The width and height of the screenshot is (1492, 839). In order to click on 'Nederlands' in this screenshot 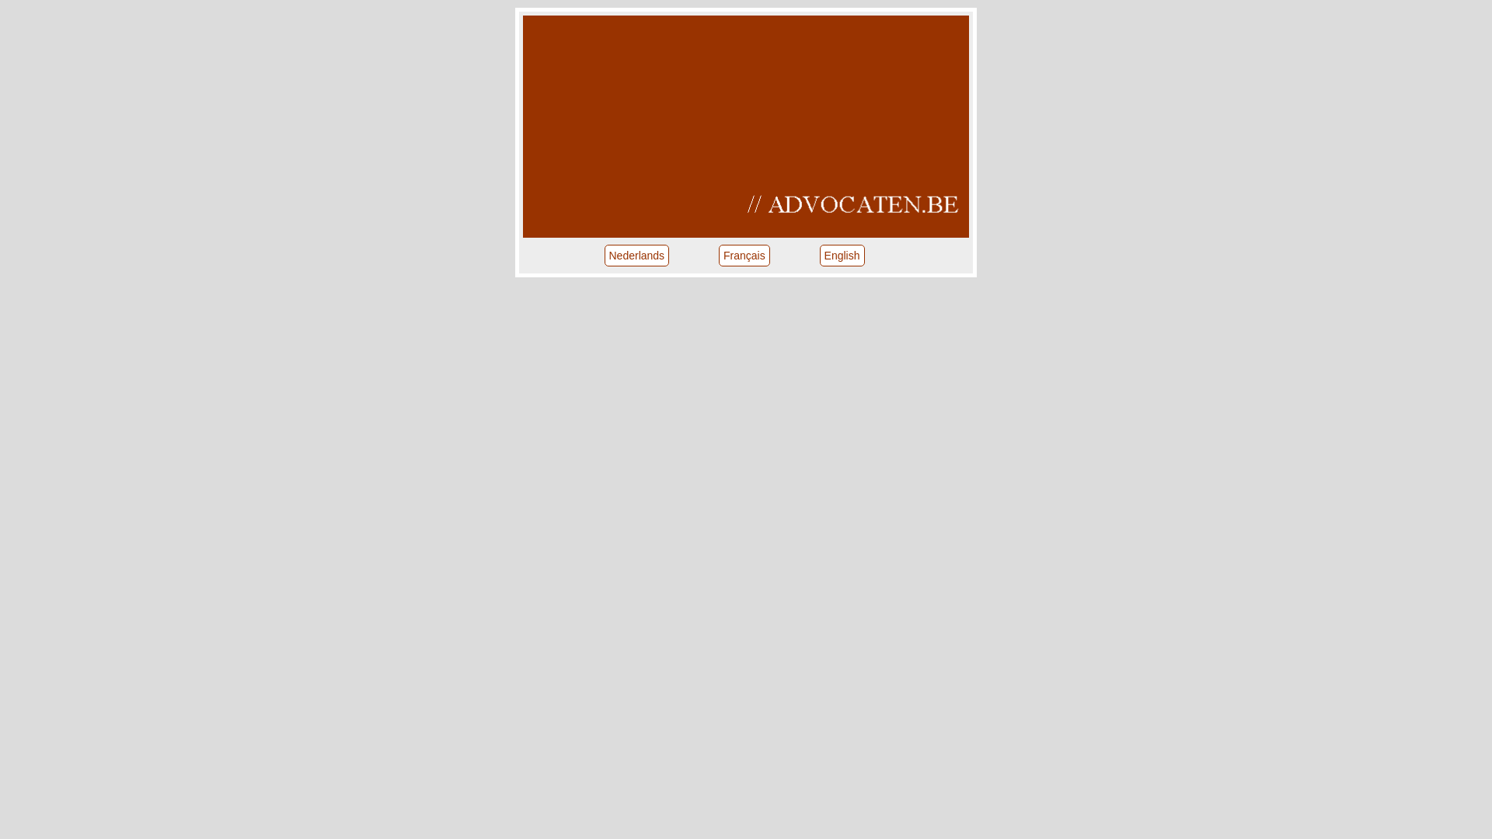, I will do `click(637, 254)`.